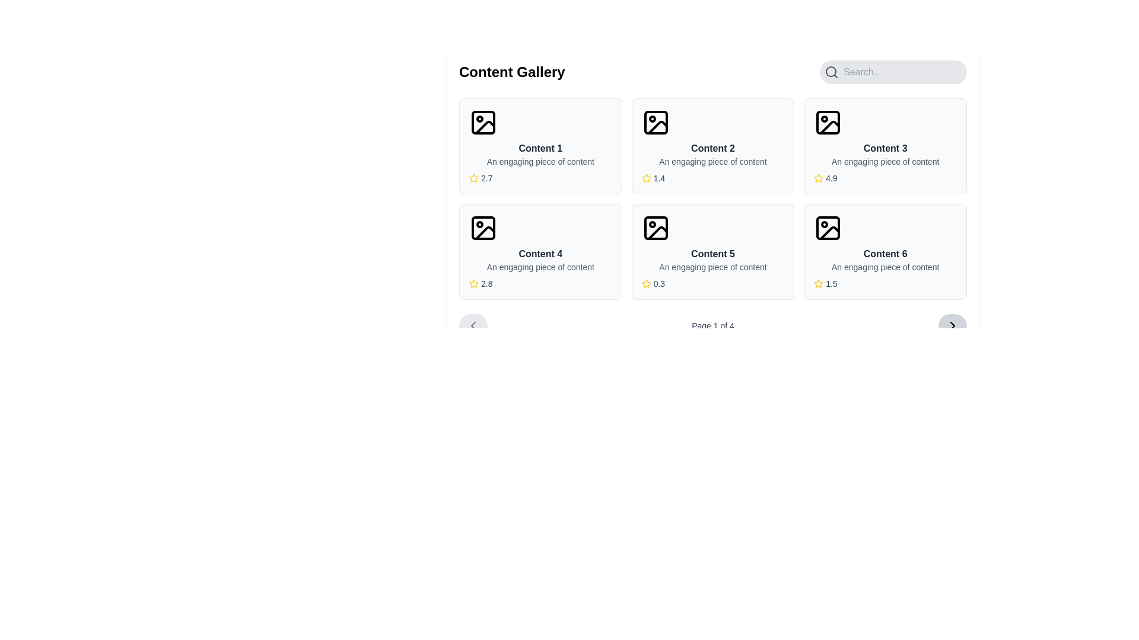 This screenshot has height=640, width=1139. Describe the element at coordinates (818, 178) in the screenshot. I see `the star icon representing a rating value of '4.9' in the content card for 'Content 3', located in the right column of the first row` at that location.